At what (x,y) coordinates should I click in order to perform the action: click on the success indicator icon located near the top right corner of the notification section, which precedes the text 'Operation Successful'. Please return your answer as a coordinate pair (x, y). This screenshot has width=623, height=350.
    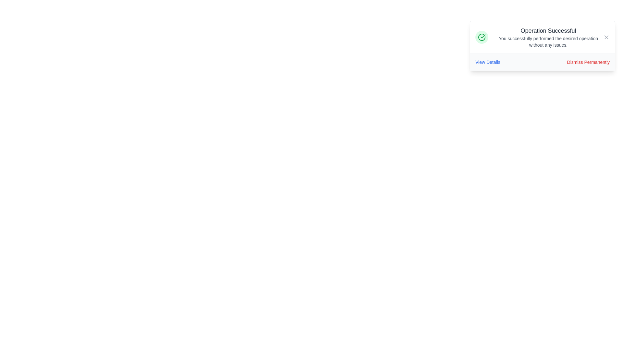
    Looking at the image, I should click on (482, 37).